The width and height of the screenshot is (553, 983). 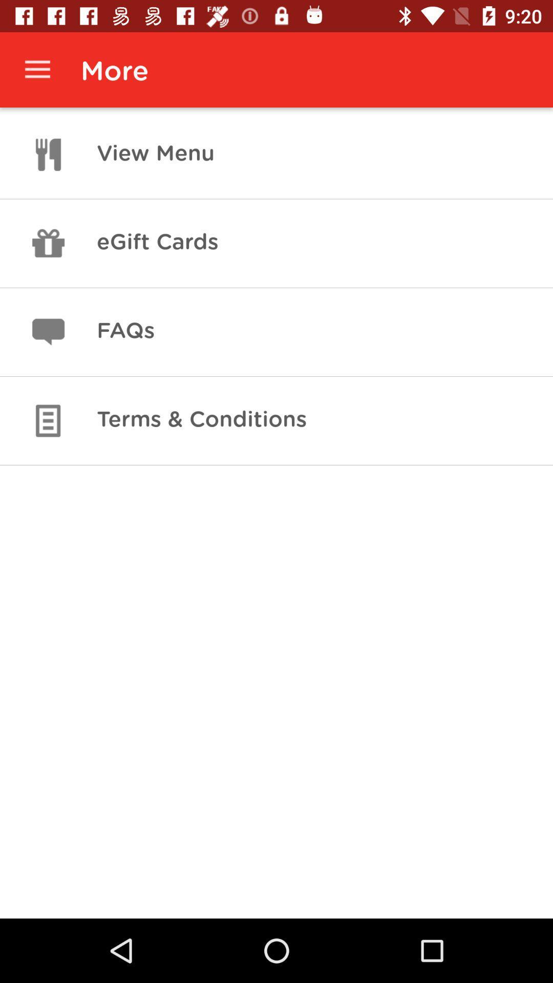 What do you see at coordinates (37, 69) in the screenshot?
I see `icon next to more item` at bounding box center [37, 69].